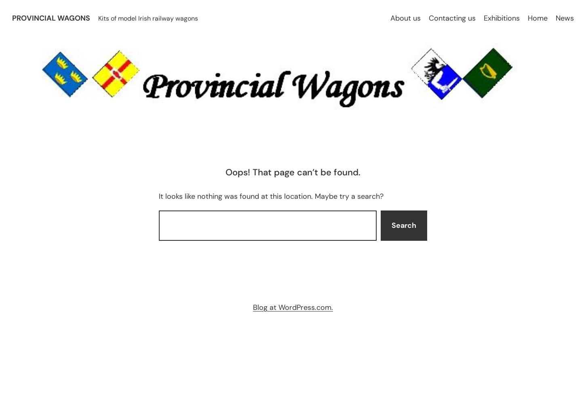  I want to click on 'Provincial Wagons', so click(12, 18).